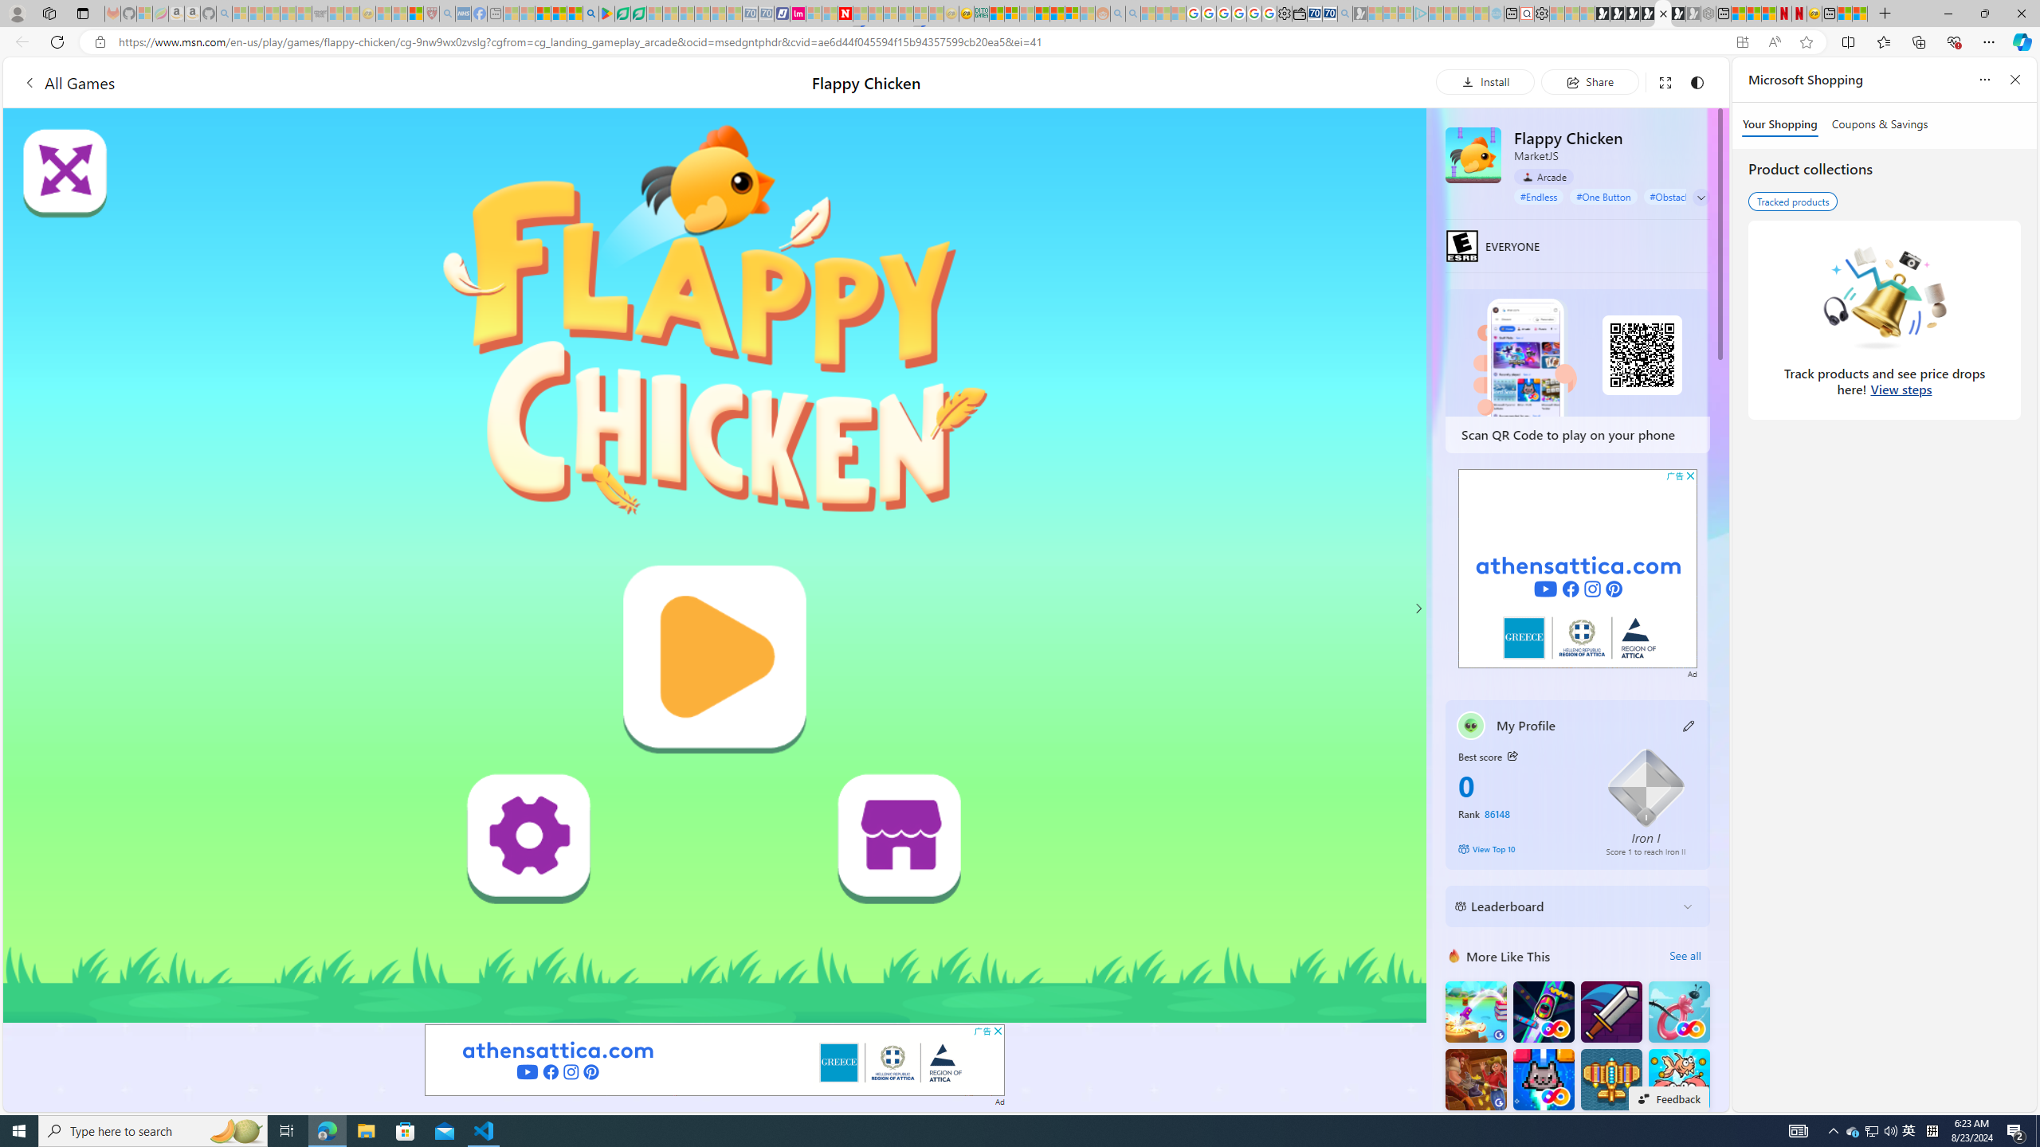  I want to click on 'AutomationID: cbb', so click(1690, 476).